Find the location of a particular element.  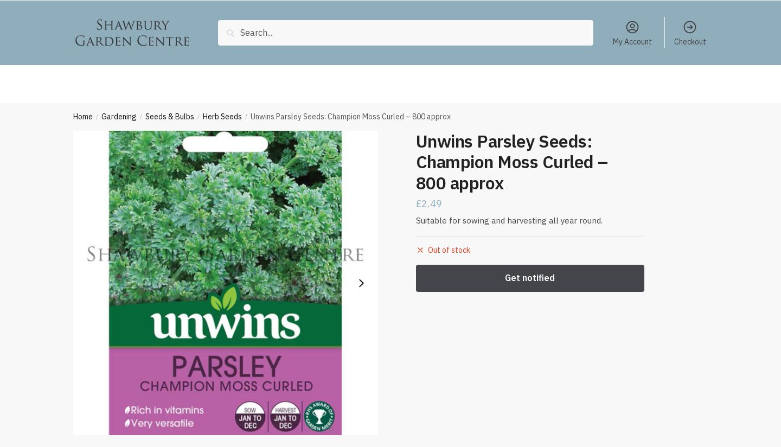

'Gardening' is located at coordinates (92, 16).